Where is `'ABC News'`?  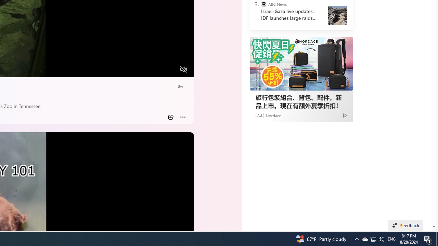 'ABC News' is located at coordinates (263, 4).